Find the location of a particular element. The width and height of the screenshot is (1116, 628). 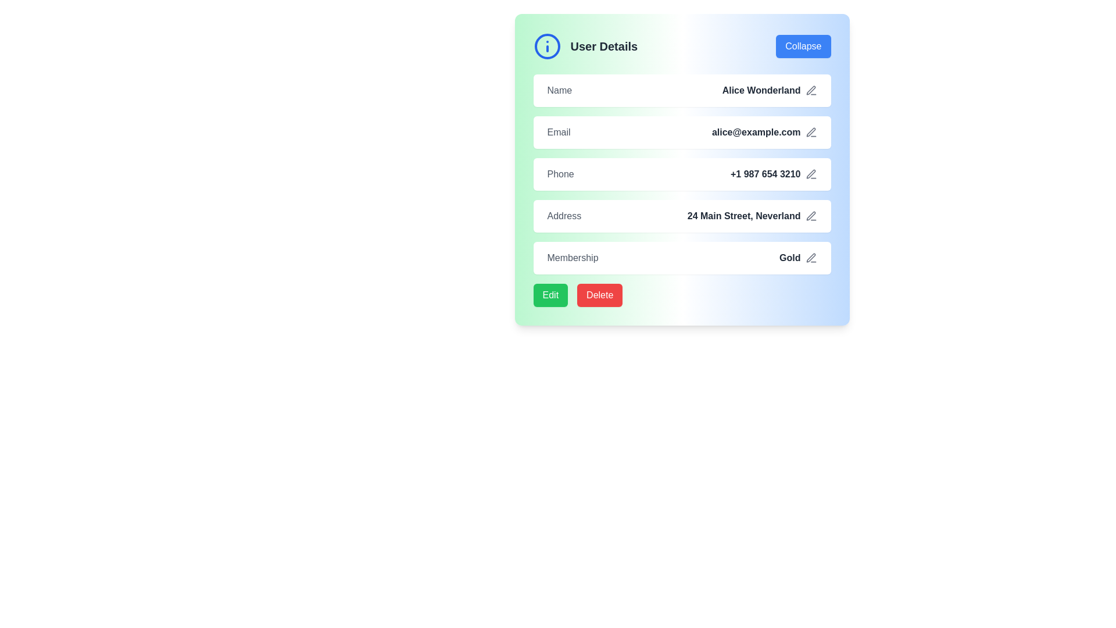

the Label with an accompanying icon that identifies the section for user details, located at the top-left corner inside a box of header components is located at coordinates (585, 46).